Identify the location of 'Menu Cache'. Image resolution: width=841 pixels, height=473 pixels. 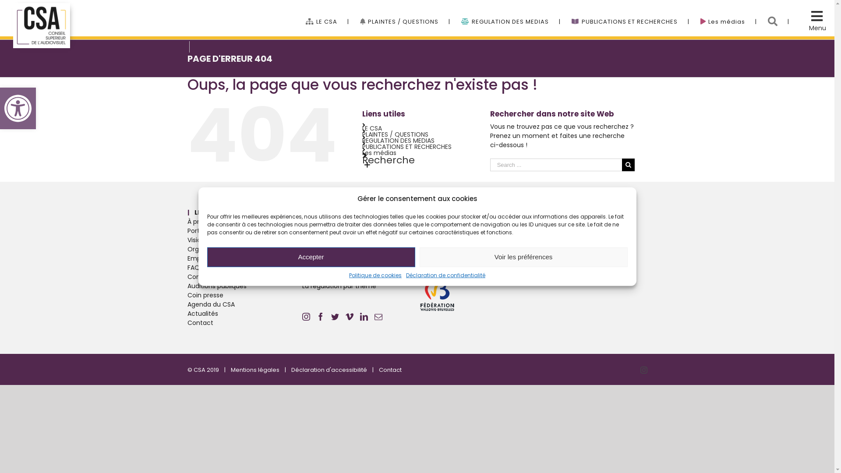
(809, 18).